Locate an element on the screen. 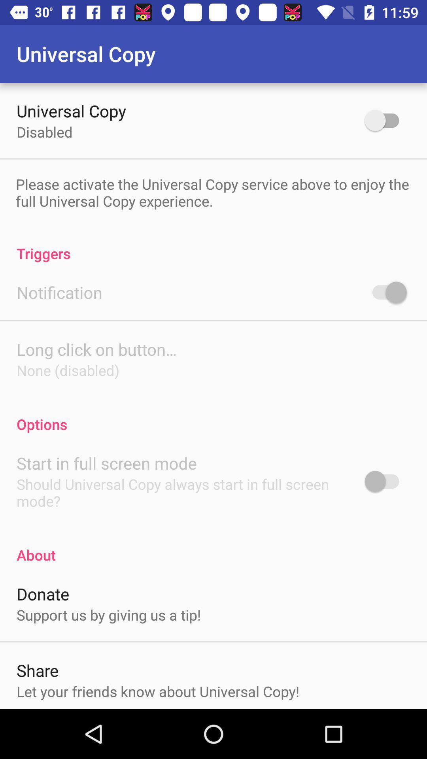 This screenshot has width=427, height=759. the donate item is located at coordinates (43, 594).